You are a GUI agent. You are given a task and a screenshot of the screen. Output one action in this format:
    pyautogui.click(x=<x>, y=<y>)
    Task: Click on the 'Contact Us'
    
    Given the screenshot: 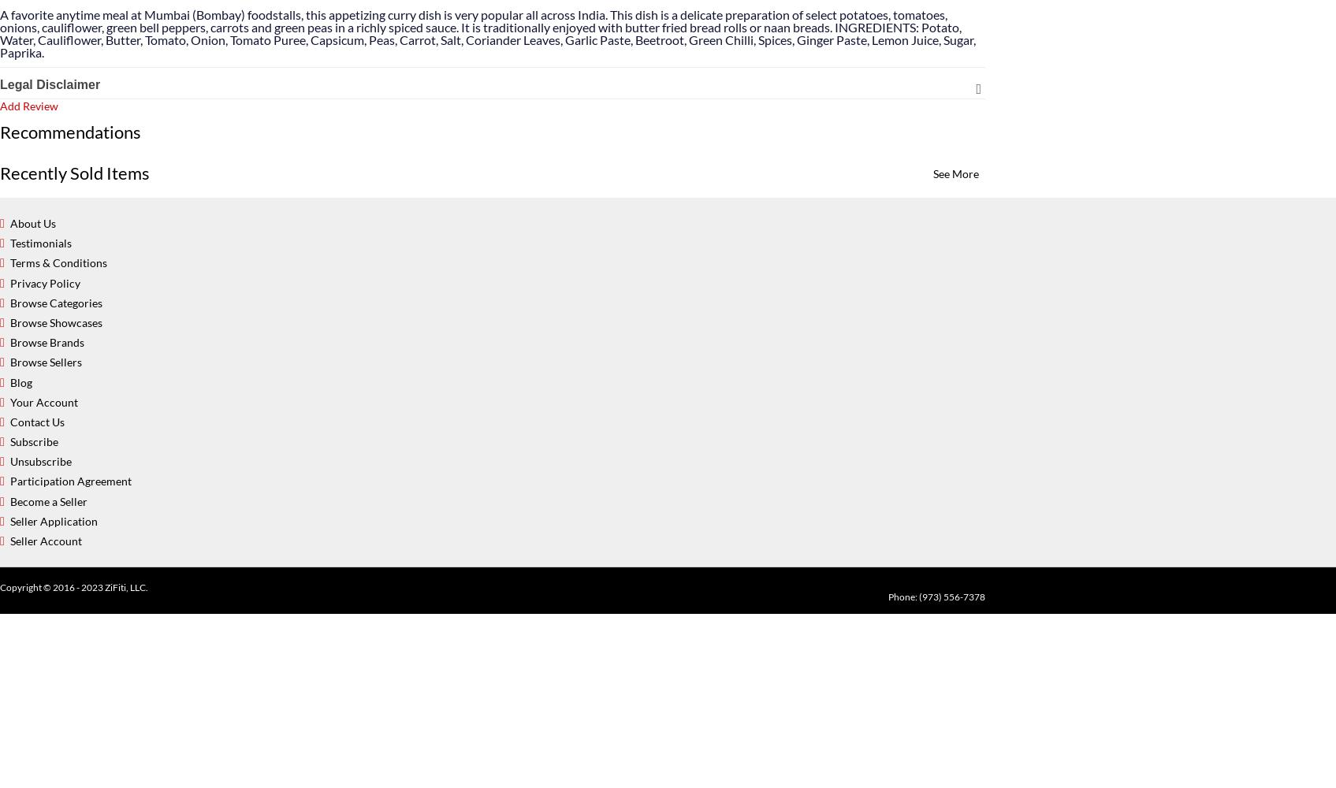 What is the action you would take?
    pyautogui.click(x=36, y=421)
    